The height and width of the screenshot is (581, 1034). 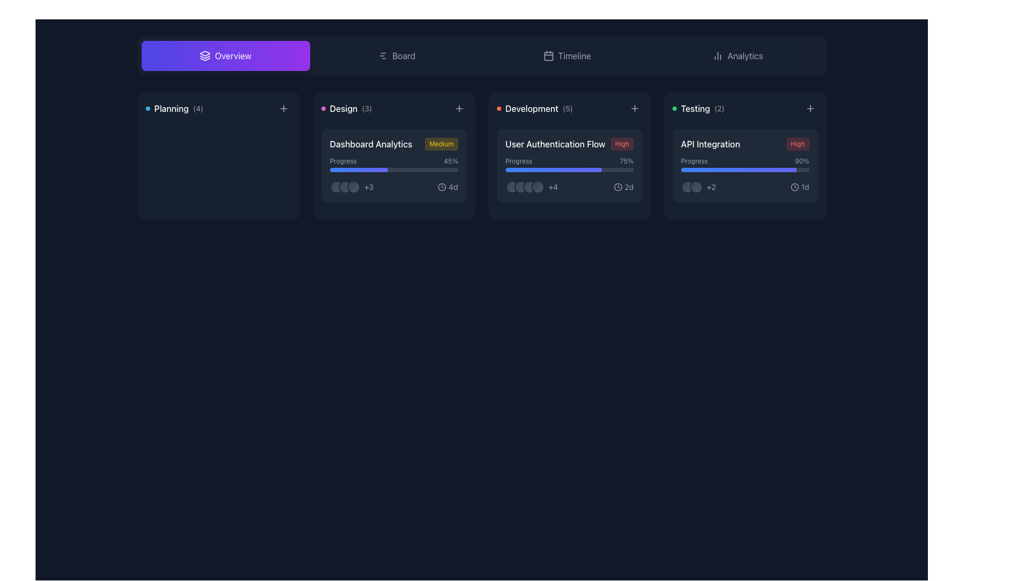 I want to click on the displayed information of the Text Label showing '45%' located next to the word 'Progress' in the Design panel of the Dashboard Analytics, so click(x=451, y=161).